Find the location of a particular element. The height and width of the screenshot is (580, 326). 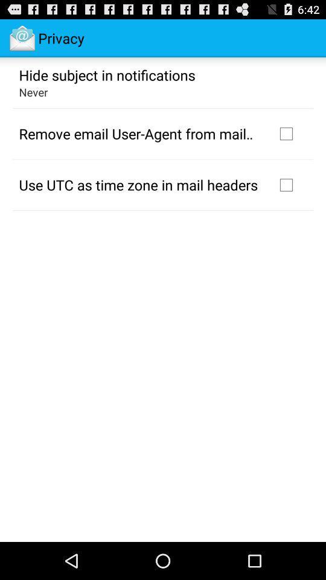

item below never app is located at coordinates (139, 134).